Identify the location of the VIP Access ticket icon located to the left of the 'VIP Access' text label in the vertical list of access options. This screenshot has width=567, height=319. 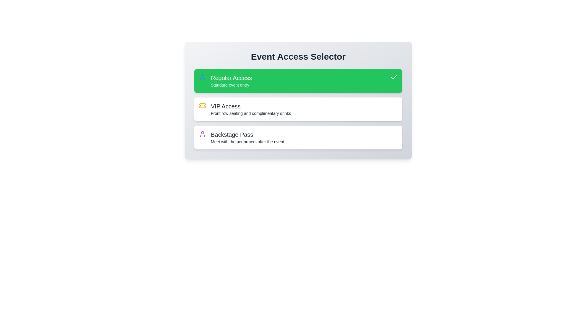
(203, 105).